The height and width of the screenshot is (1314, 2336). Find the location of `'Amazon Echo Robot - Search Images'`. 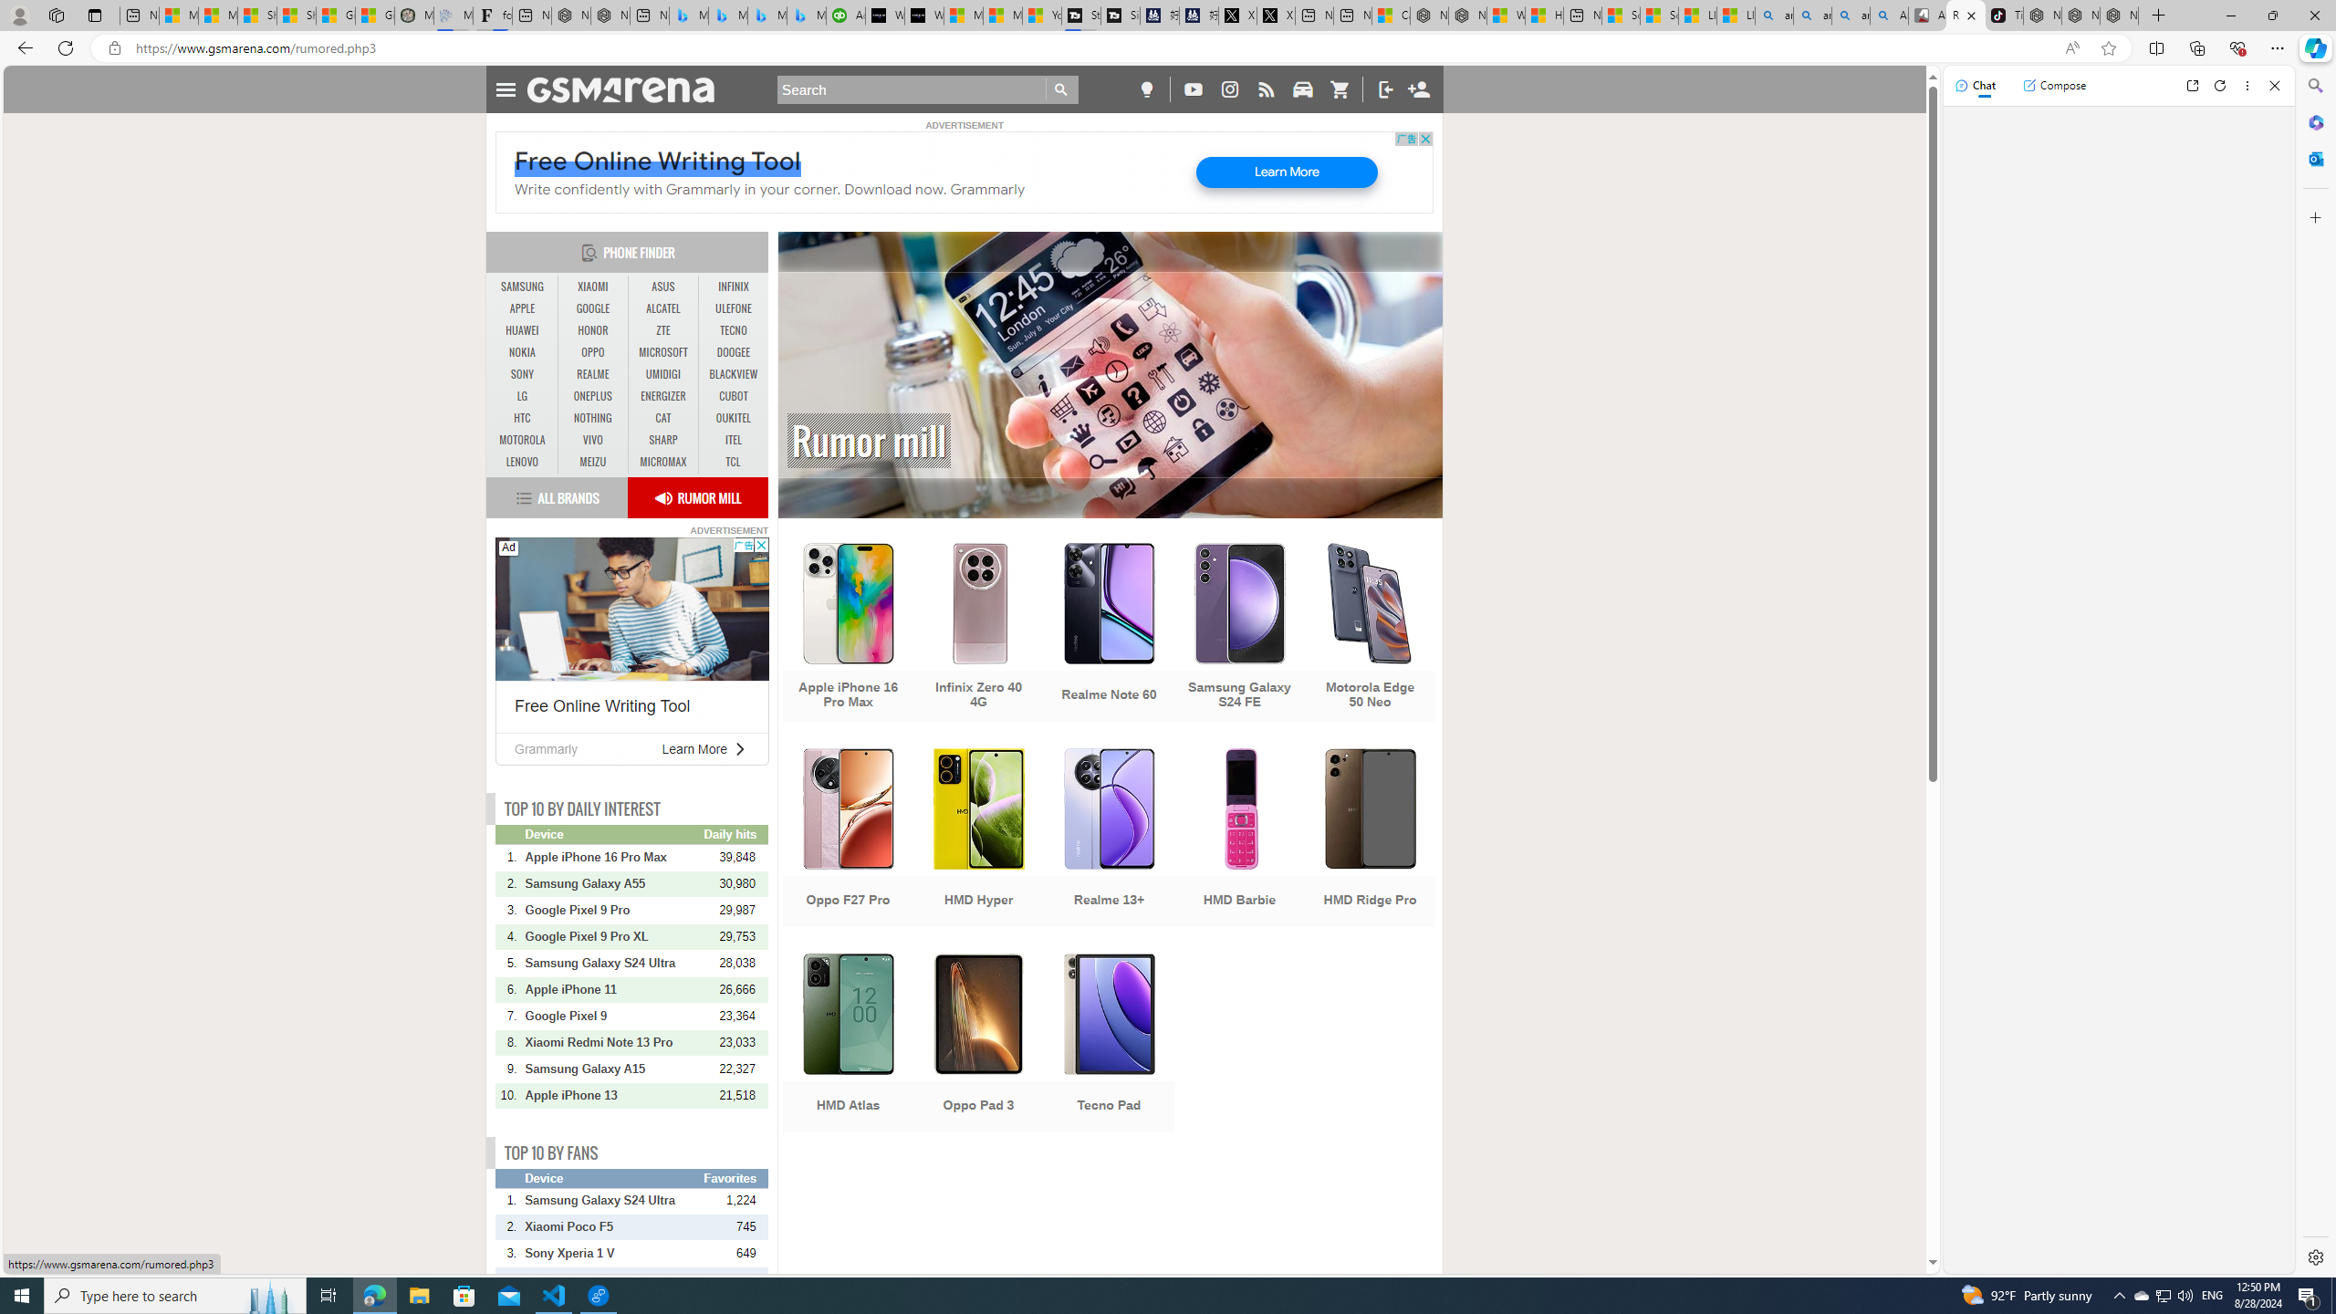

'Amazon Echo Robot - Search Images' is located at coordinates (1887, 15).